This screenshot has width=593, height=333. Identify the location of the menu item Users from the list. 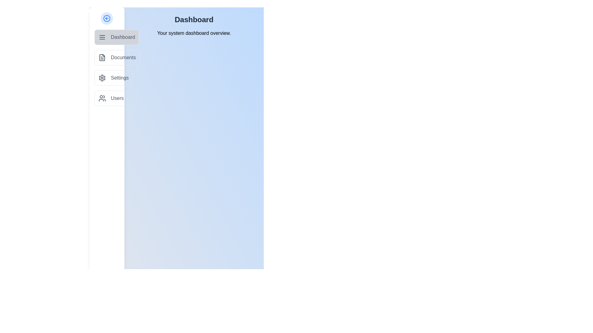
(111, 98).